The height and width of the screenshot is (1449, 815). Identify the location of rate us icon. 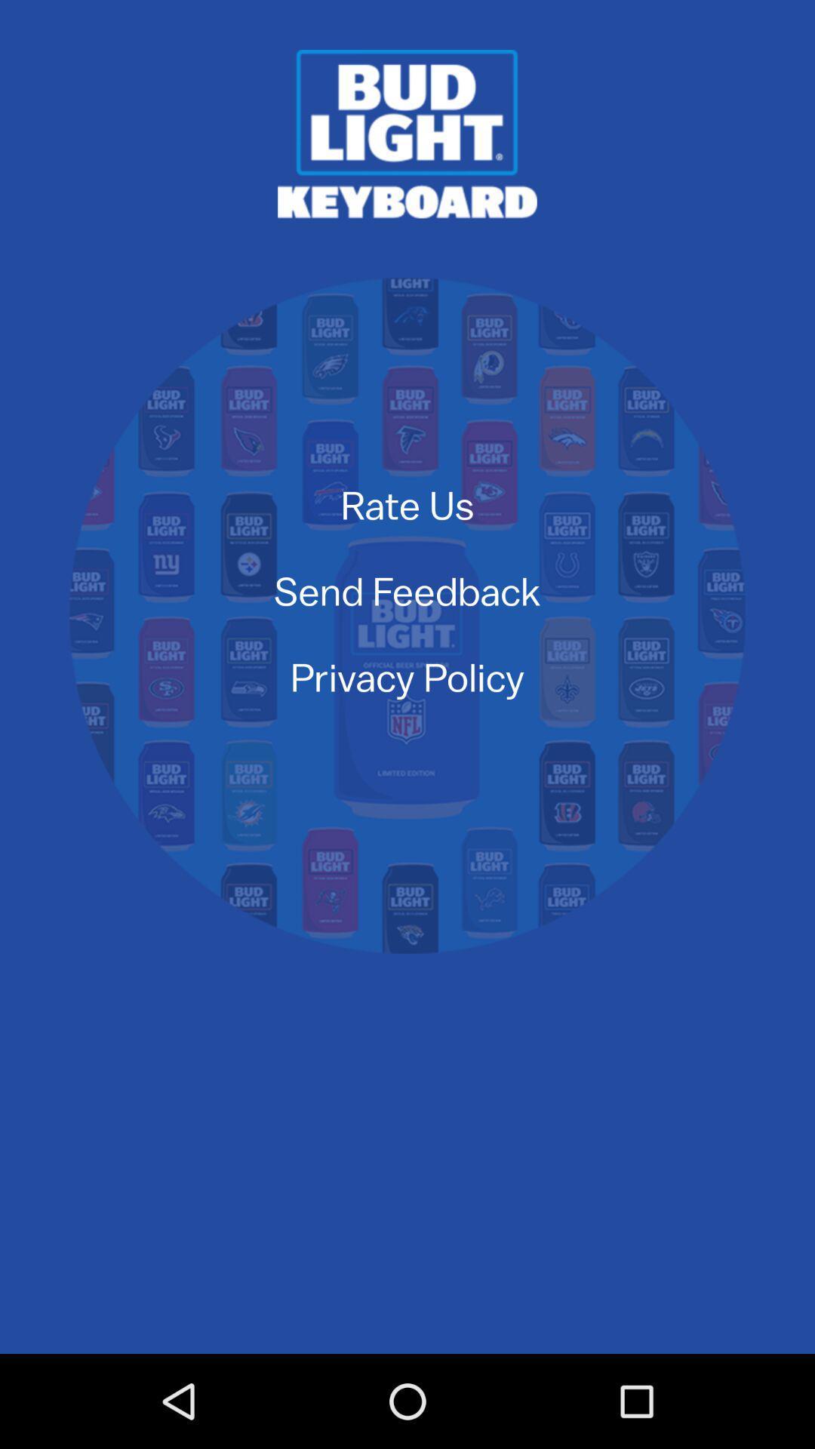
(407, 504).